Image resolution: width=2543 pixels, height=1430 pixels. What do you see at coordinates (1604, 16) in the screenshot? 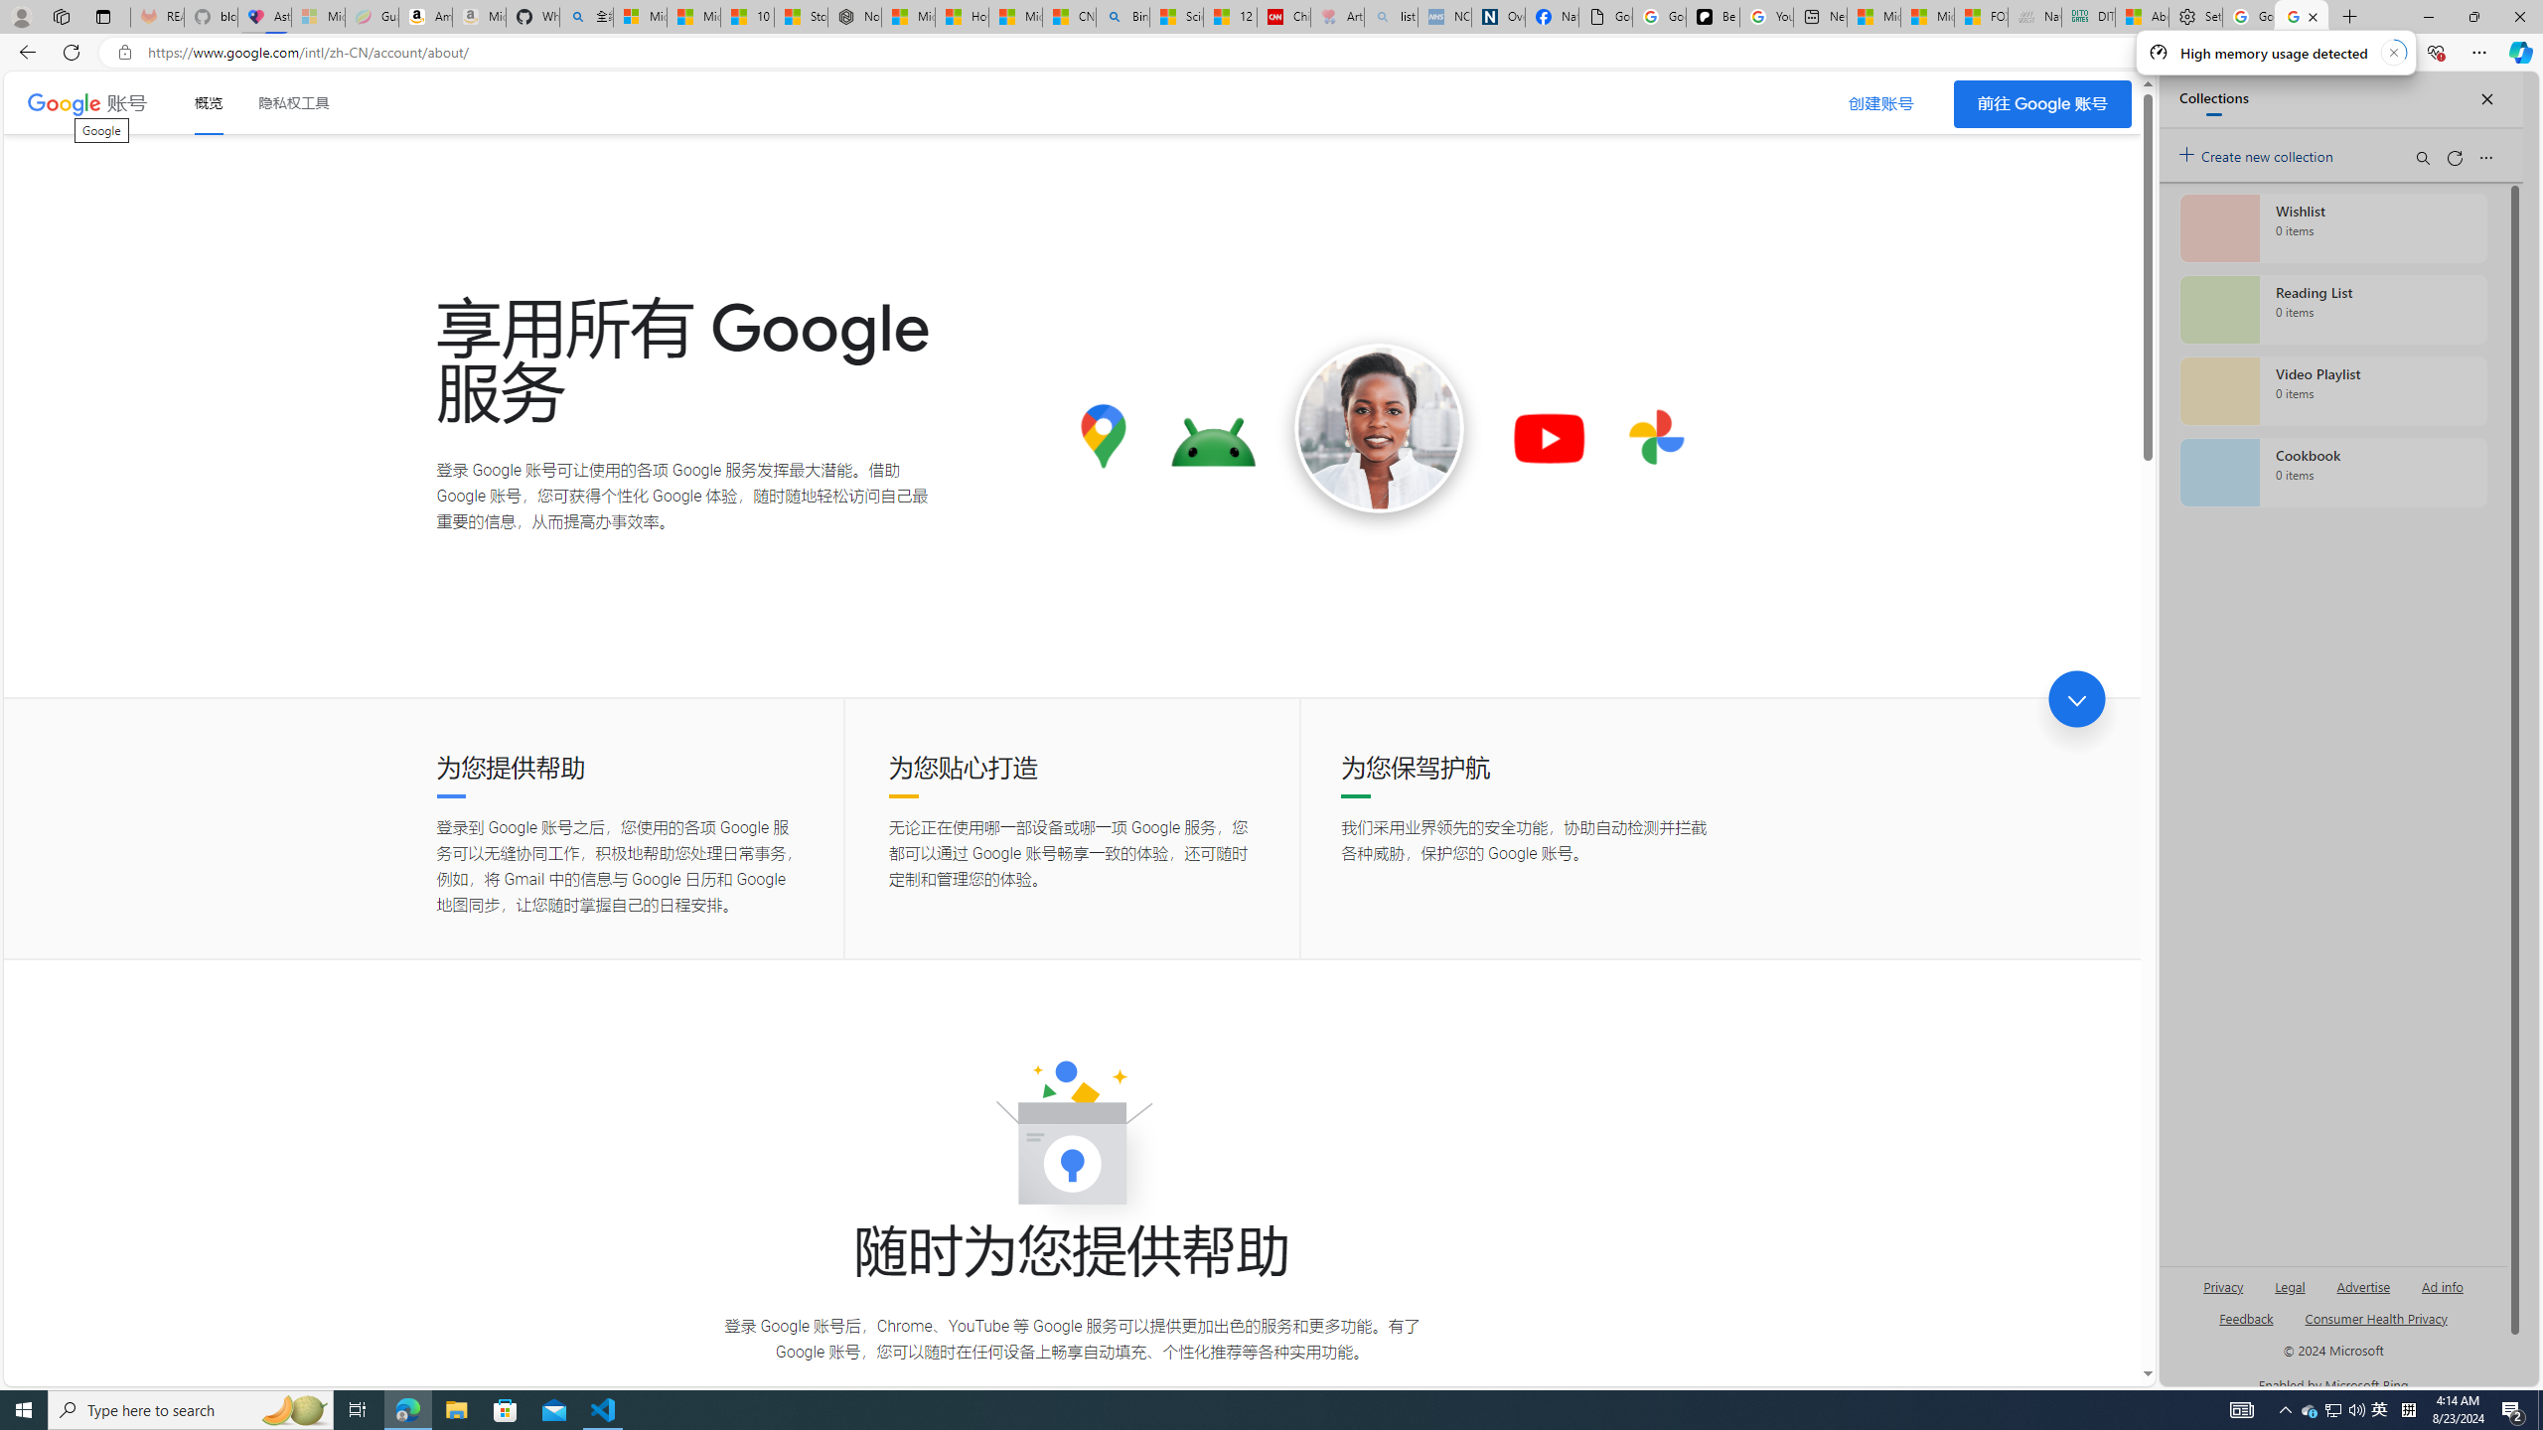
I see `'Google Analytics Opt-out Browser Add-on Download Page'` at bounding box center [1604, 16].